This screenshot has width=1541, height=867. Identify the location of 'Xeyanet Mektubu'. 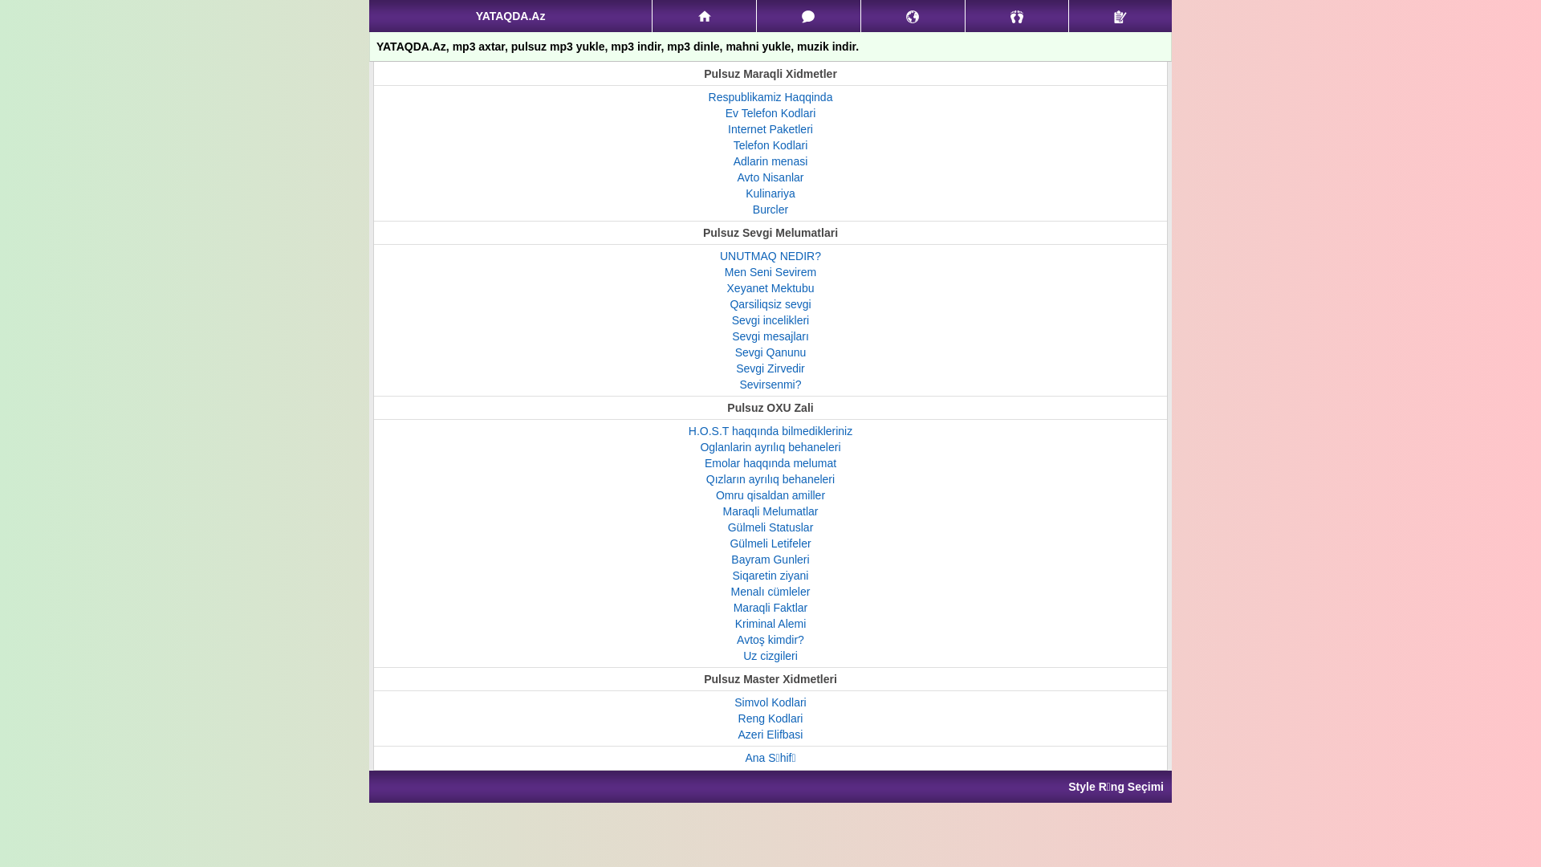
(770, 287).